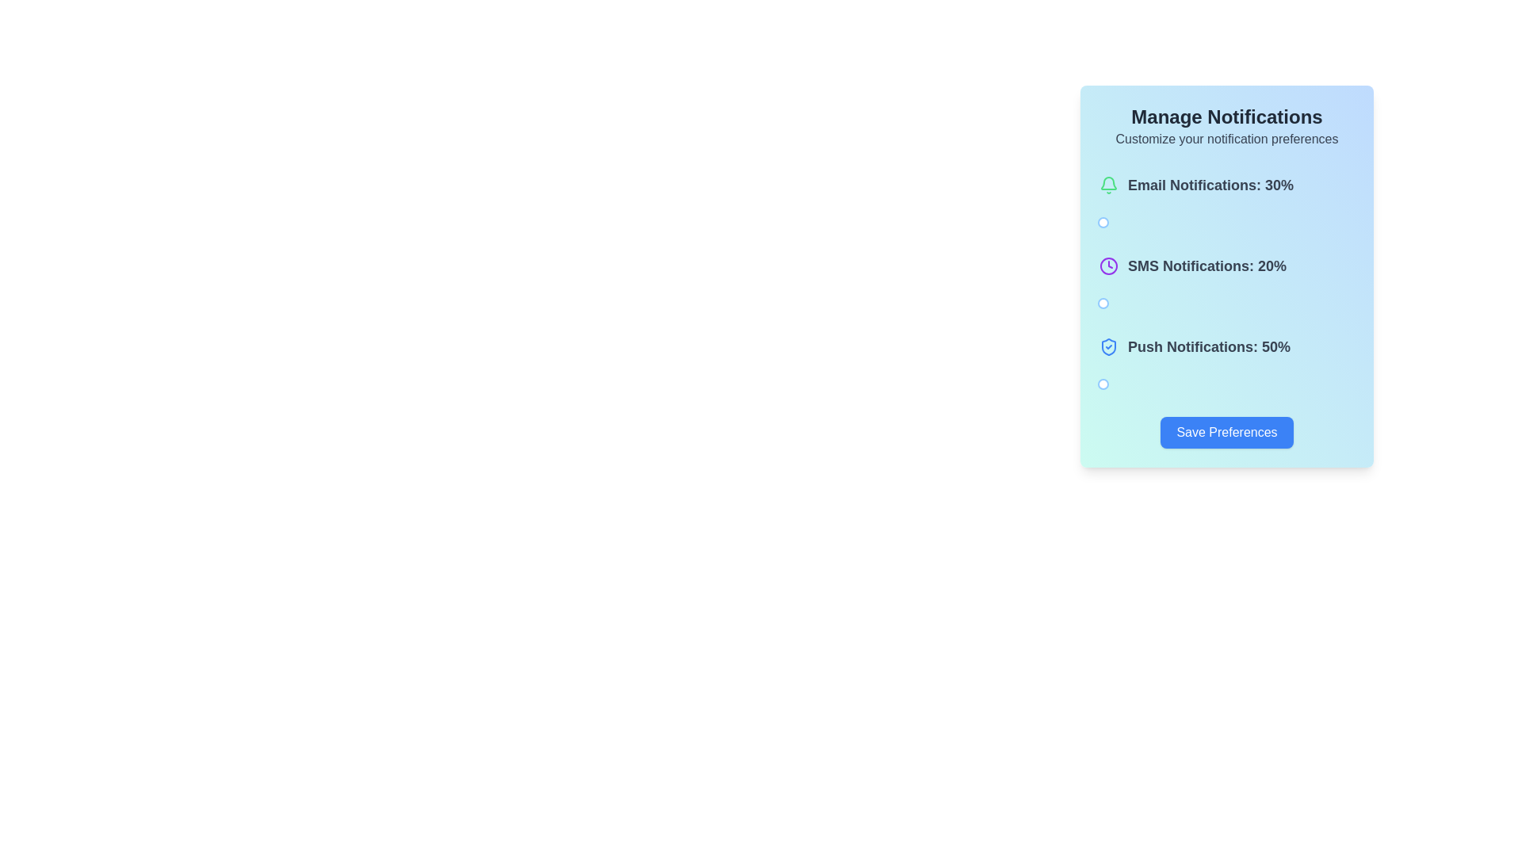  What do you see at coordinates (1226, 275) in the screenshot?
I see `the Text label indicating SMS notification preferences, which is positioned beneath the 'Email Notifications' option and above the 'Push Notifications' option` at bounding box center [1226, 275].